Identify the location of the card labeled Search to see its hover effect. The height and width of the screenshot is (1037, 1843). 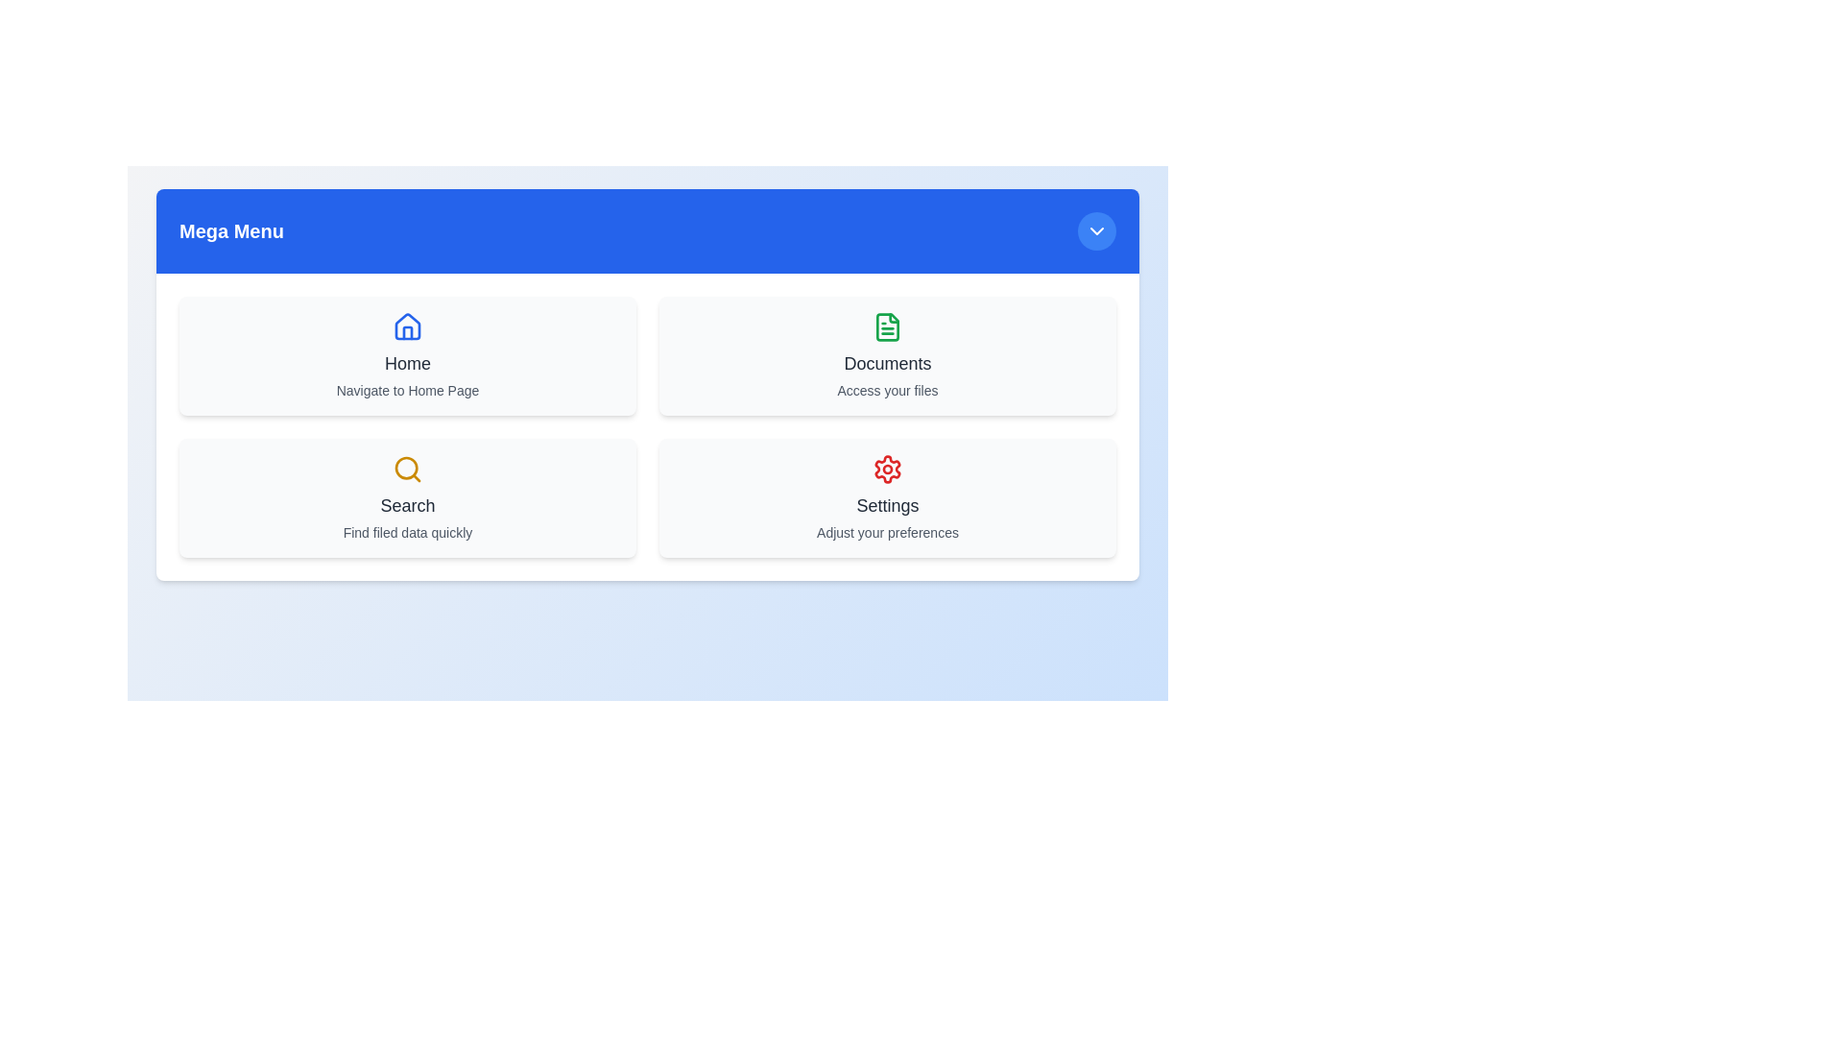
(407, 497).